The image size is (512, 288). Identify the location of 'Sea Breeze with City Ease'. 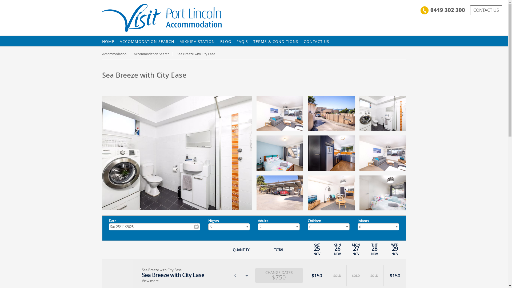
(142, 275).